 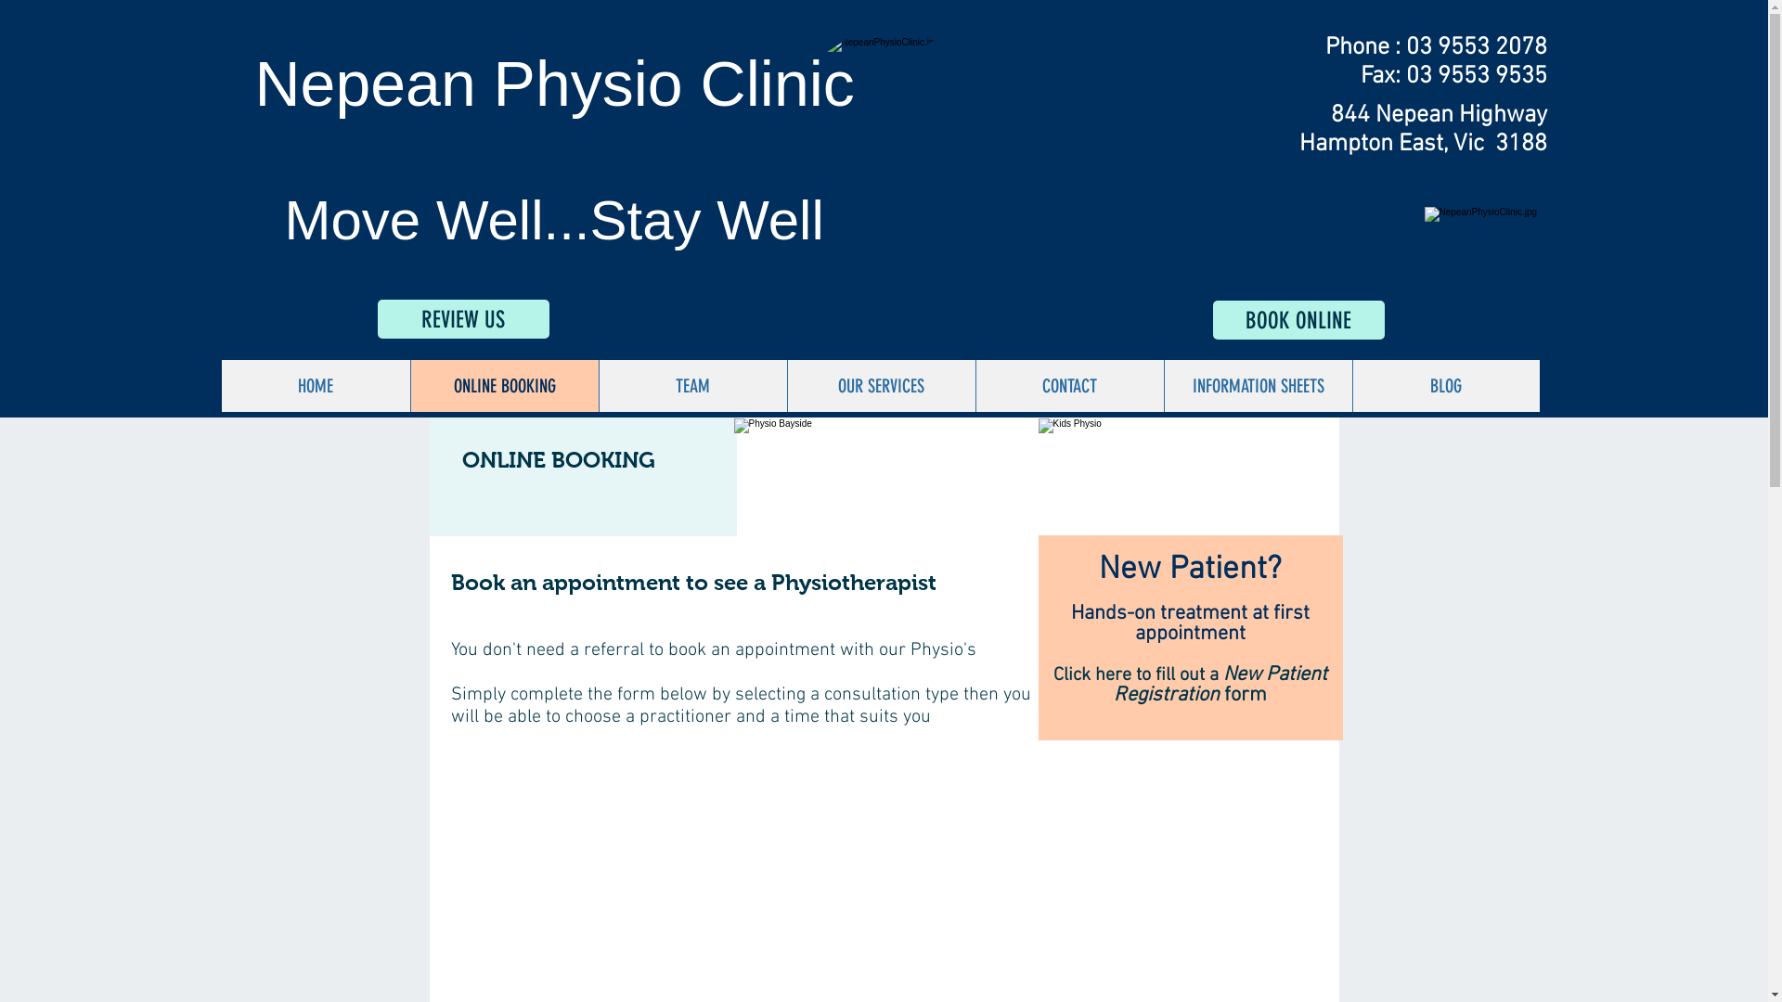 What do you see at coordinates (552, 219) in the screenshot?
I see `'Move Well...Stay Well'` at bounding box center [552, 219].